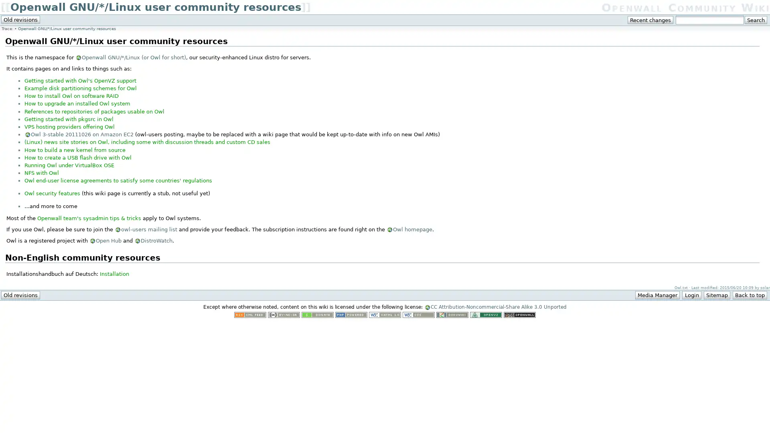  Describe the element at coordinates (755, 20) in the screenshot. I see `Search` at that location.